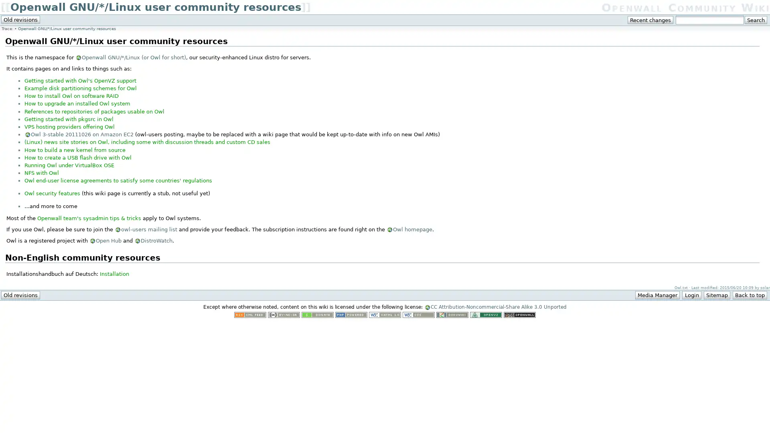  Describe the element at coordinates (755, 20) in the screenshot. I see `Search` at that location.